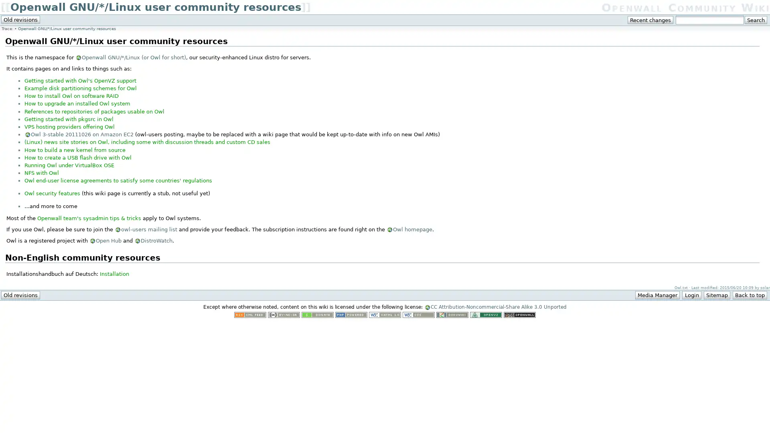  Describe the element at coordinates (755, 20) in the screenshot. I see `Search` at that location.